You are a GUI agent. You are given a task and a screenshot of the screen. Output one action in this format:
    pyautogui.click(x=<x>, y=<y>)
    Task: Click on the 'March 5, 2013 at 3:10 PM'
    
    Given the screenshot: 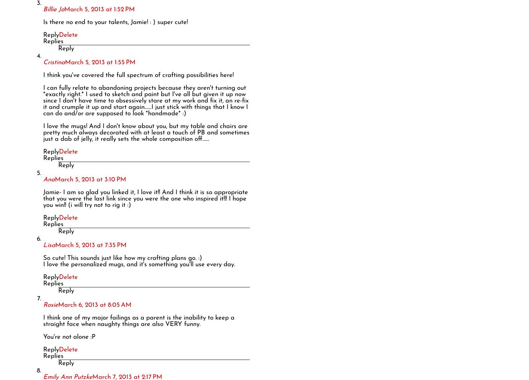 What is the action you would take?
    pyautogui.click(x=55, y=179)
    